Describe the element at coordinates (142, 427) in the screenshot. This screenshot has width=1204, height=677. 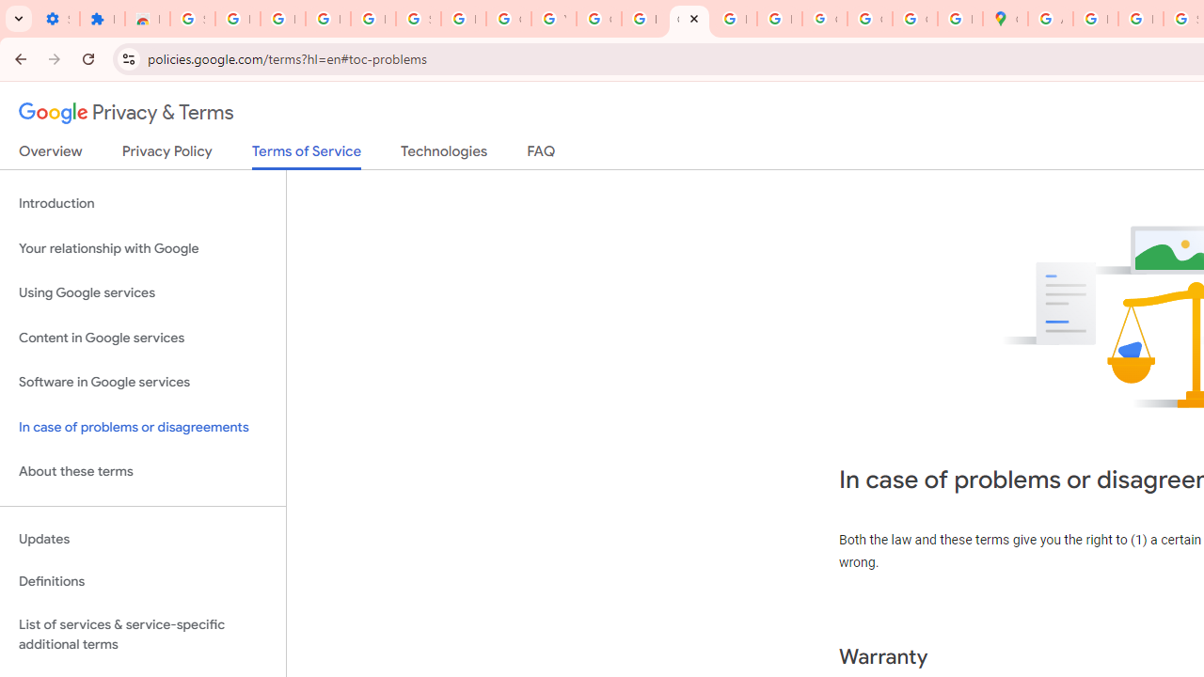
I see `'In case of problems or disagreements'` at that location.